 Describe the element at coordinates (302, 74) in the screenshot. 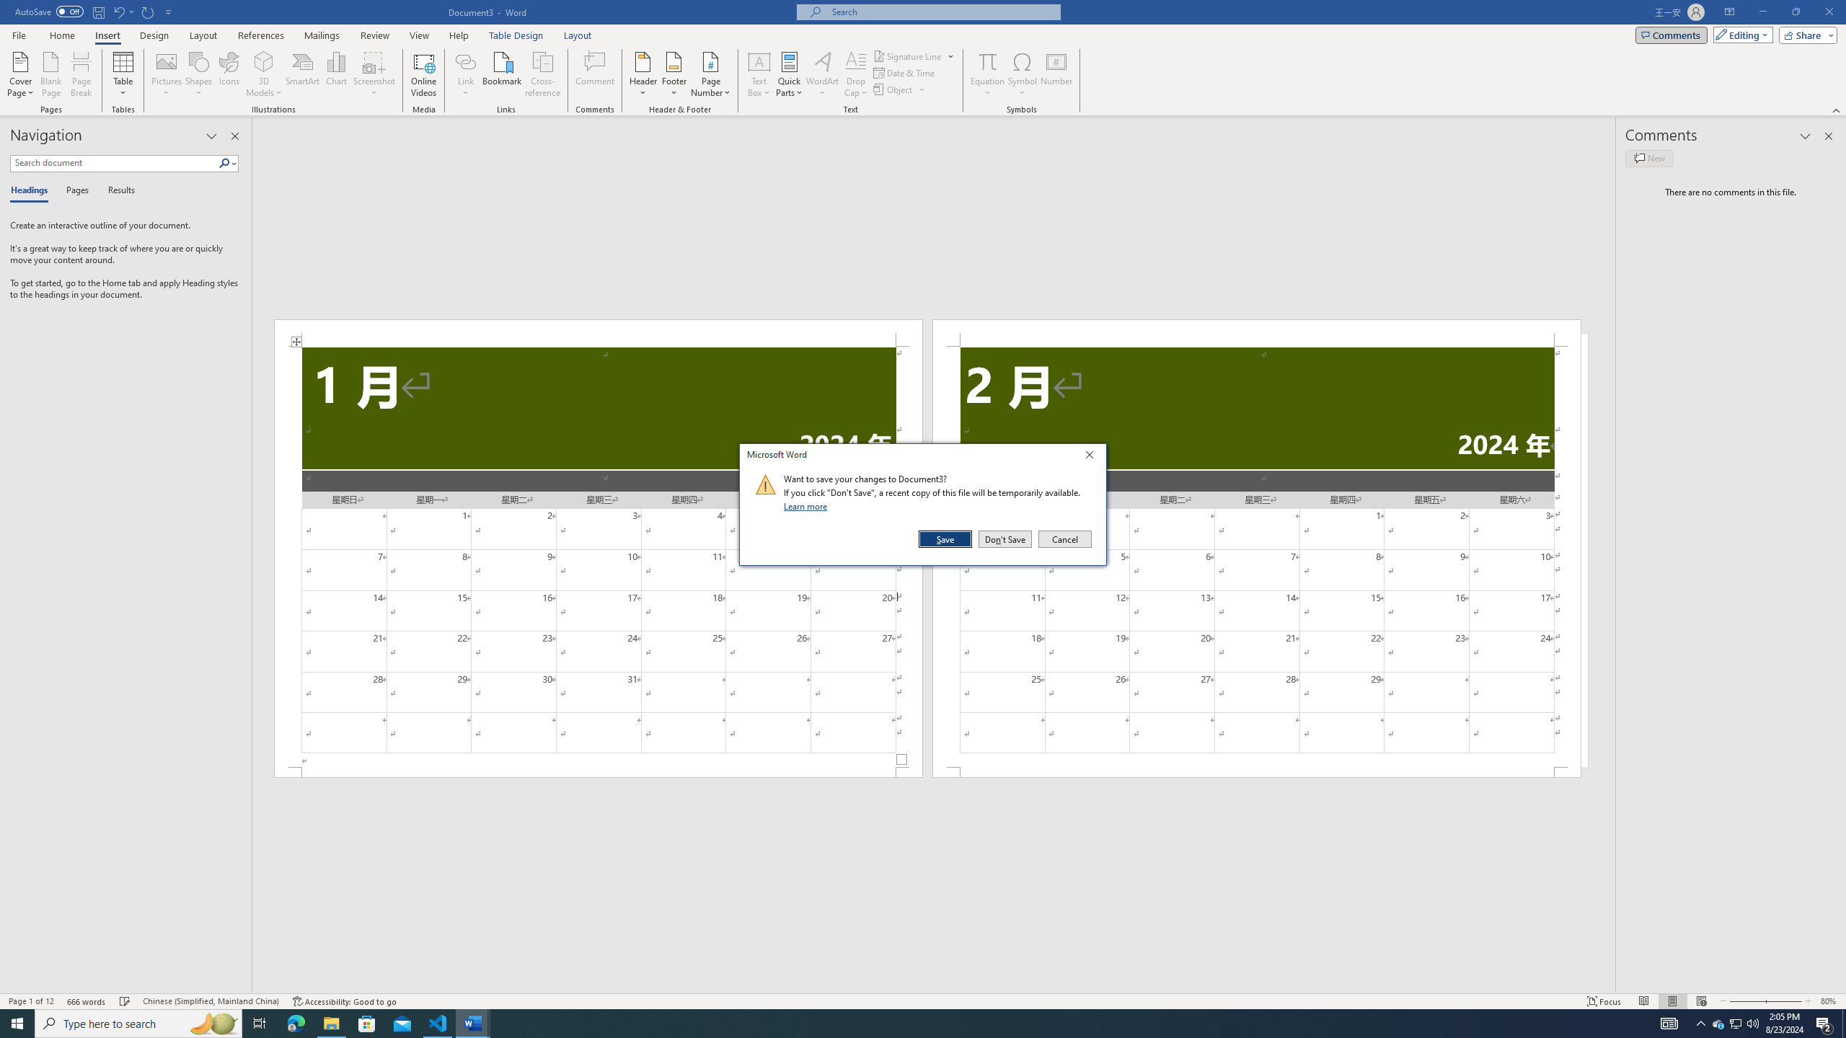

I see `'SmartArt...'` at that location.